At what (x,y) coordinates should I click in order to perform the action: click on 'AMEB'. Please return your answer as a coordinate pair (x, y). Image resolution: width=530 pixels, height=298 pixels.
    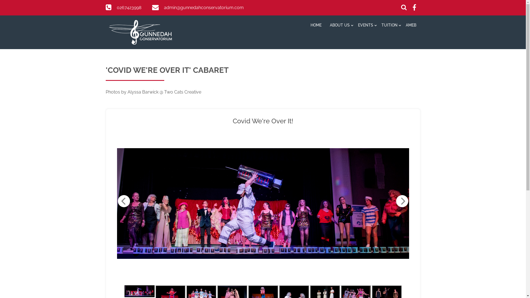
    Looking at the image, I should click on (411, 26).